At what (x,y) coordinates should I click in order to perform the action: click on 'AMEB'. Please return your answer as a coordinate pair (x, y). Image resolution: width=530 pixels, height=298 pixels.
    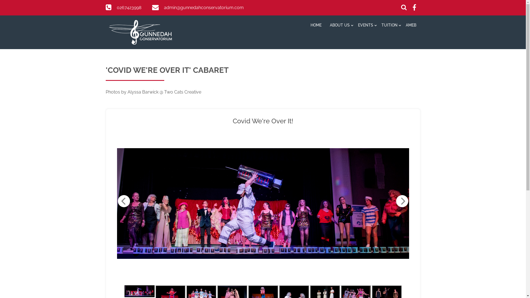
    Looking at the image, I should click on (411, 26).